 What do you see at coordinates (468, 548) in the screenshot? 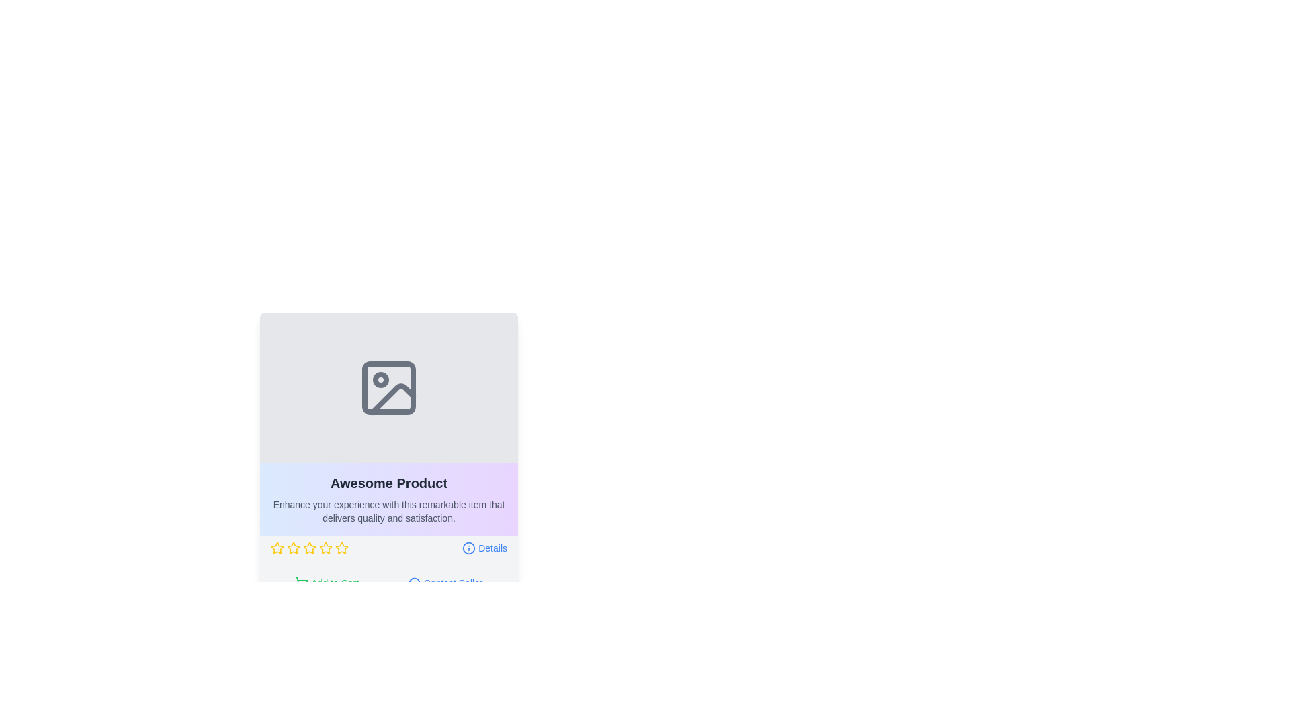
I see `icon located to the left of the 'Details' label, which visually represents additional information about the associated item` at bounding box center [468, 548].